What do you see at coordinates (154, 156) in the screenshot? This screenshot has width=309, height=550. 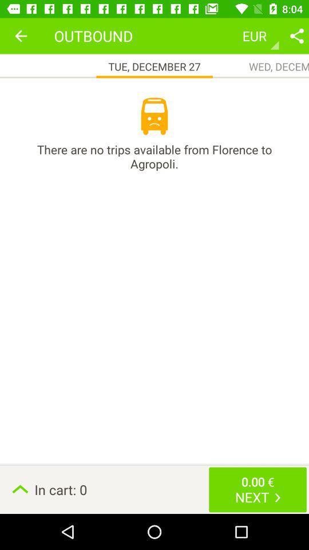 I see `there are no icon` at bounding box center [154, 156].